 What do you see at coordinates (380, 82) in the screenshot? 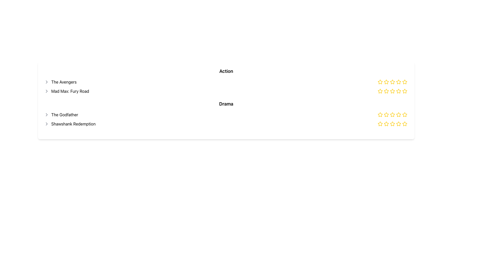
I see `the first Rating star icon with a yellow outline` at bounding box center [380, 82].